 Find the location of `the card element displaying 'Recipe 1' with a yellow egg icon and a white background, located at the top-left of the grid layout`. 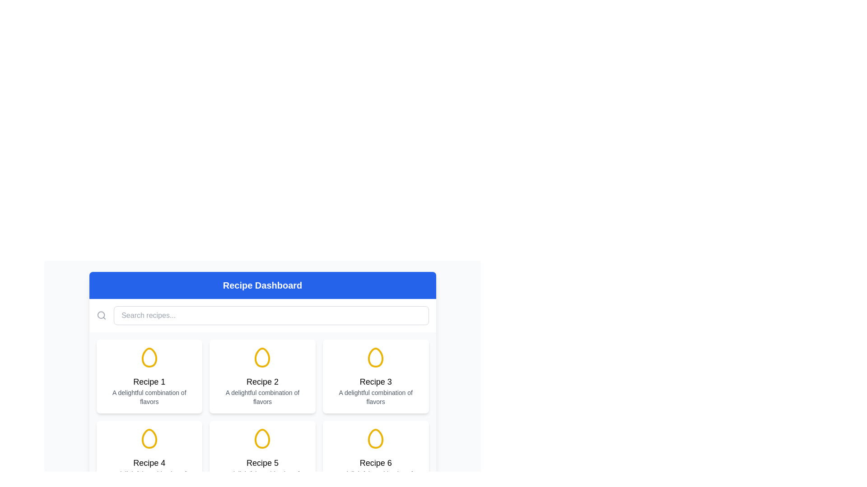

the card element displaying 'Recipe 1' with a yellow egg icon and a white background, located at the top-left of the grid layout is located at coordinates (149, 376).